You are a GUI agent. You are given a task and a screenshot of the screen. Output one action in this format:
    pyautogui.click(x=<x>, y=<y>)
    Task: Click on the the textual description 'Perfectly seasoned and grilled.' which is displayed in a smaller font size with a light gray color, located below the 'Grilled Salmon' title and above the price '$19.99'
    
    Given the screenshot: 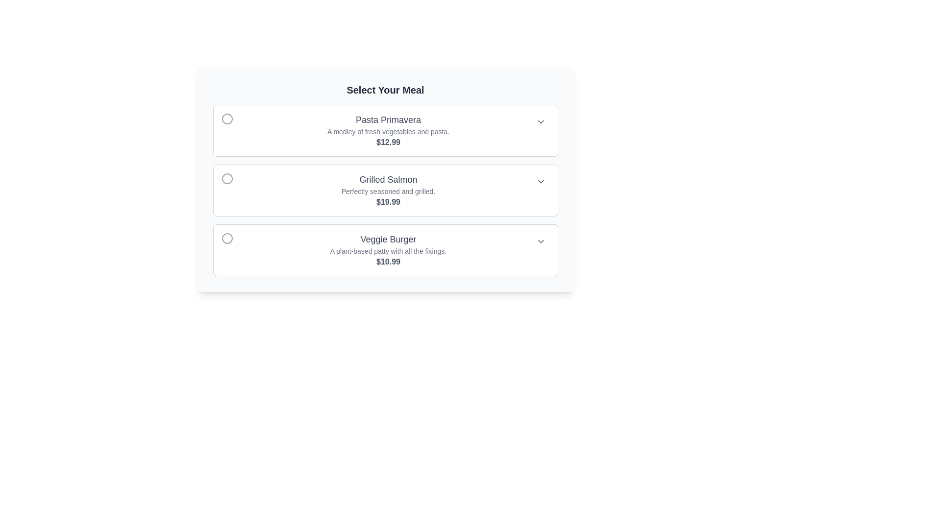 What is the action you would take?
    pyautogui.click(x=388, y=191)
    